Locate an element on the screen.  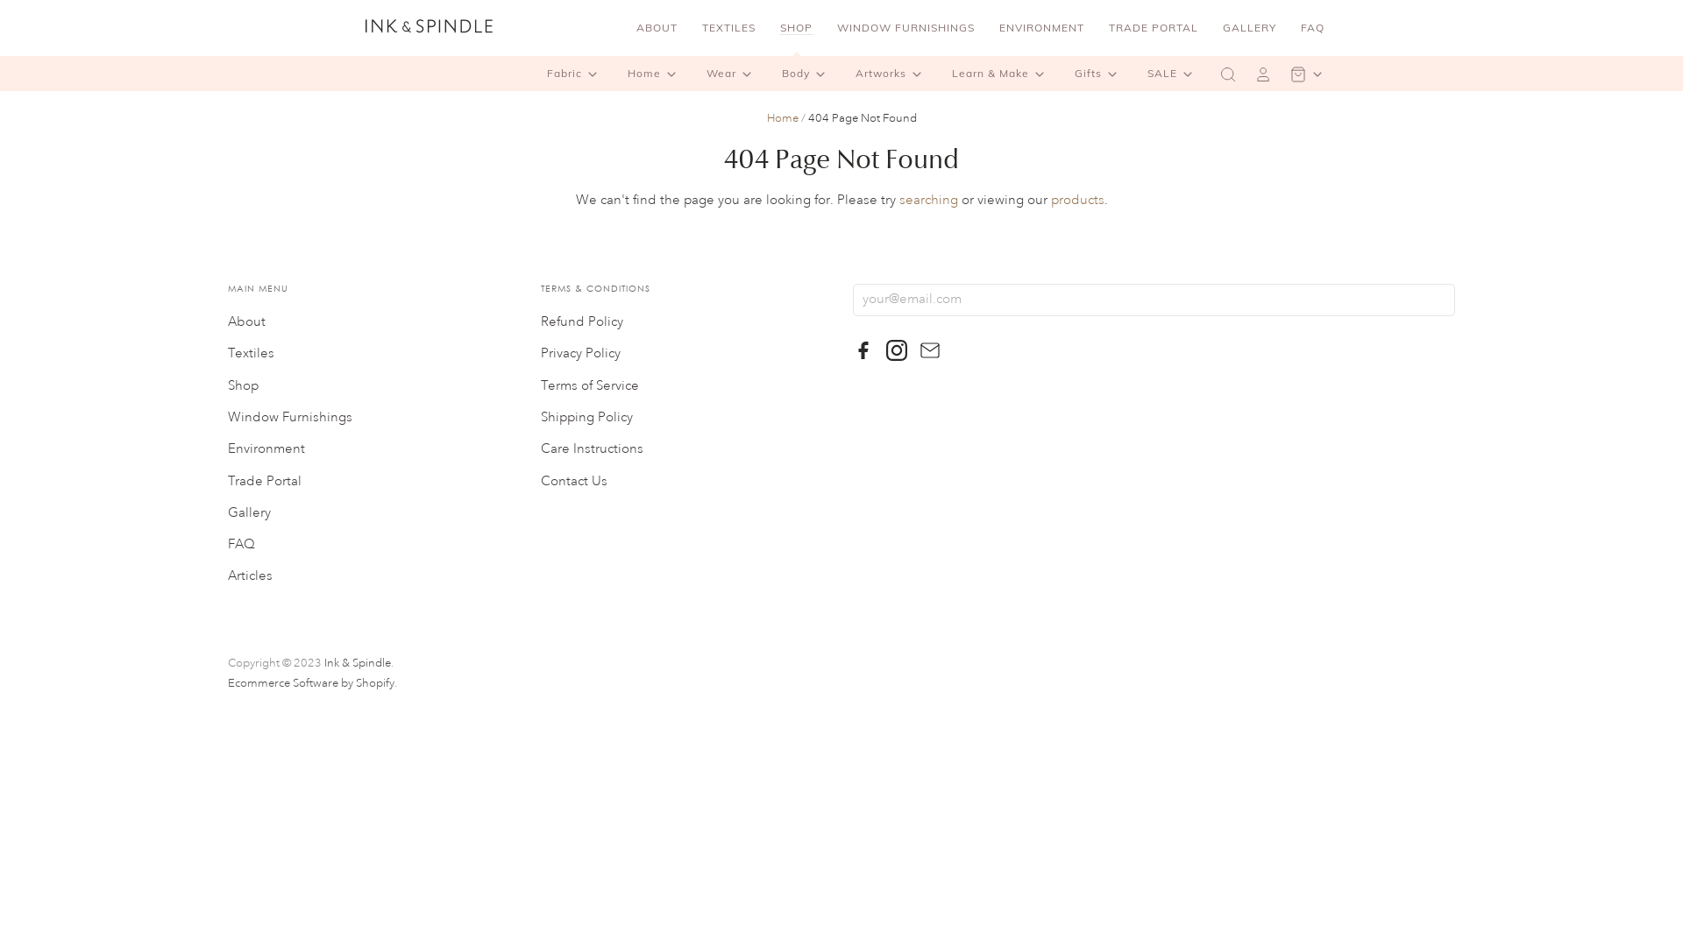
'Window Furnishings' is located at coordinates (290, 417).